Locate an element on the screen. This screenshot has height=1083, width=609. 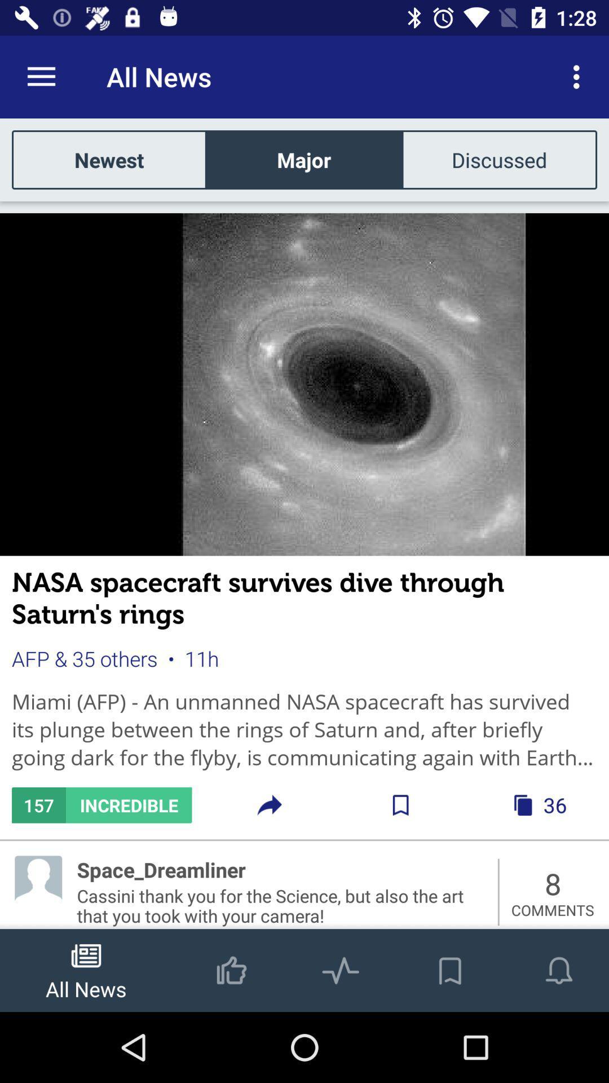
the image beside spacedreamliner is located at coordinates (38, 879).